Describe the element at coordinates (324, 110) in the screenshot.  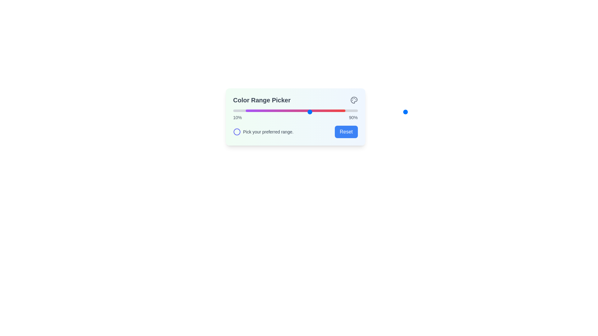
I see `the slider value` at that location.